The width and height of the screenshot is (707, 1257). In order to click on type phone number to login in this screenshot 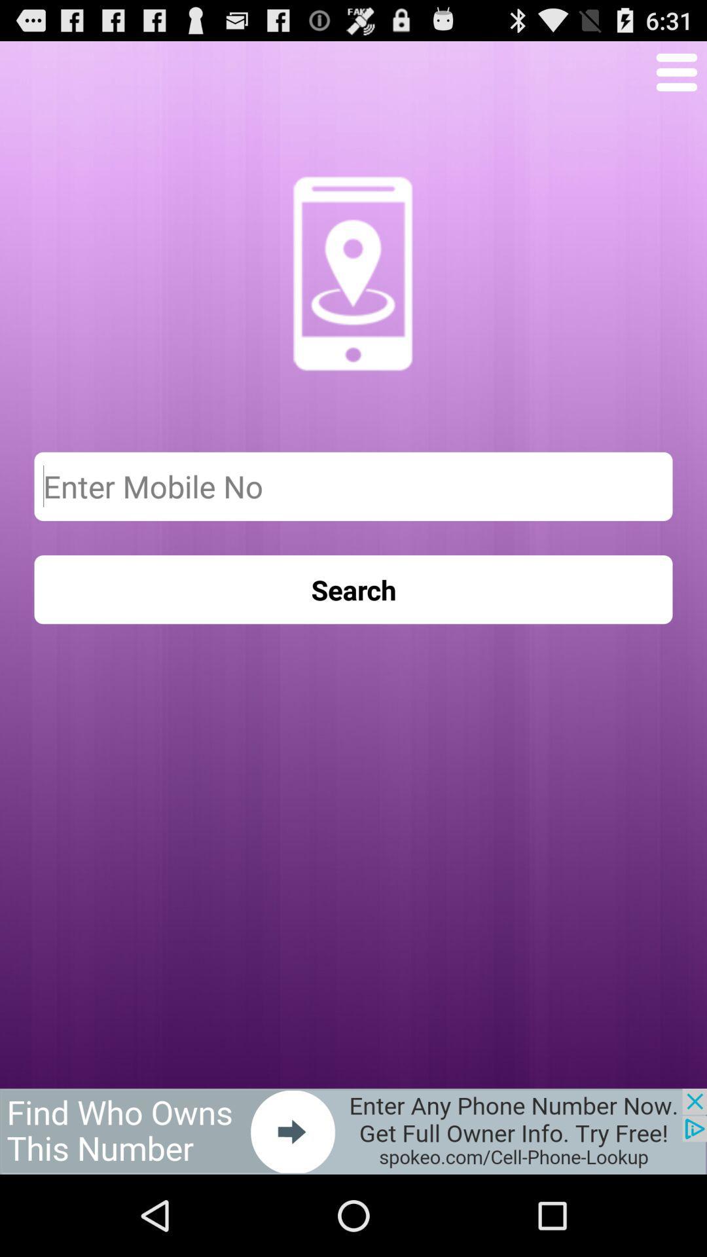, I will do `click(353, 486)`.